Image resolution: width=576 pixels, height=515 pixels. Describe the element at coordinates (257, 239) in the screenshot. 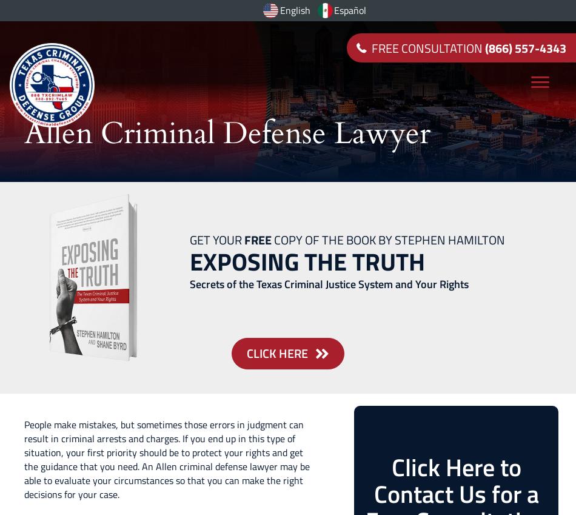

I see `'FREE'` at that location.